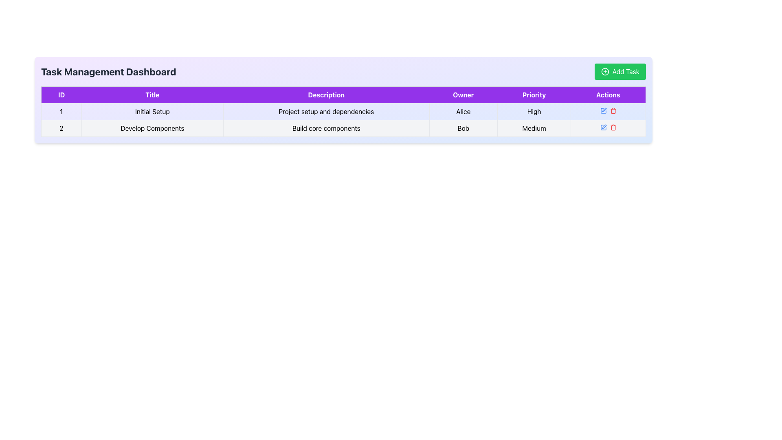 This screenshot has height=440, width=782. I want to click on the SVG icon resembling a pen or pencil located in the 'Actions' column of the second row within a table layout, so click(604, 110).